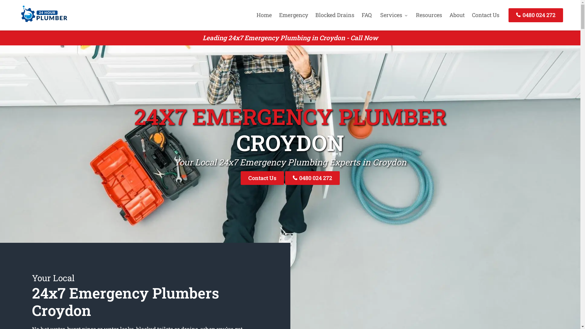 This screenshot has width=585, height=329. What do you see at coordinates (358, 15) in the screenshot?
I see `'FAQ'` at bounding box center [358, 15].